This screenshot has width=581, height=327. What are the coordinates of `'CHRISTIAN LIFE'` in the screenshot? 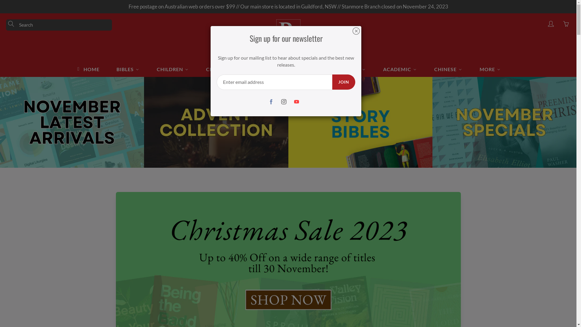 It's located at (228, 68).